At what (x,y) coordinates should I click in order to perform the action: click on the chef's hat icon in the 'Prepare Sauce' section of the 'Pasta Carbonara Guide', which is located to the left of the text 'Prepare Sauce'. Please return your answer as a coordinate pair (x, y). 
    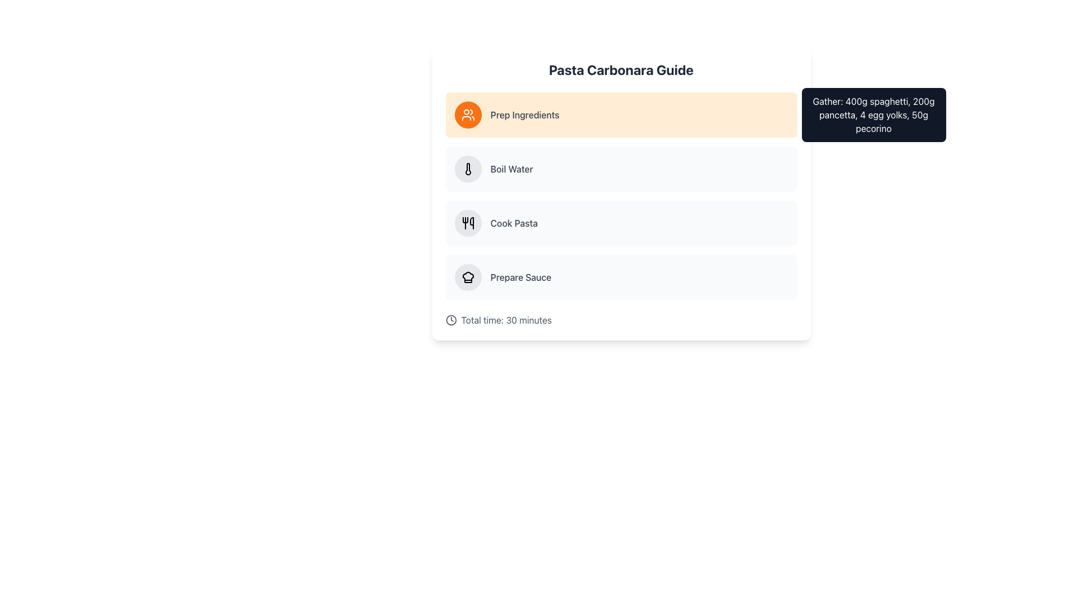
    Looking at the image, I should click on (468, 277).